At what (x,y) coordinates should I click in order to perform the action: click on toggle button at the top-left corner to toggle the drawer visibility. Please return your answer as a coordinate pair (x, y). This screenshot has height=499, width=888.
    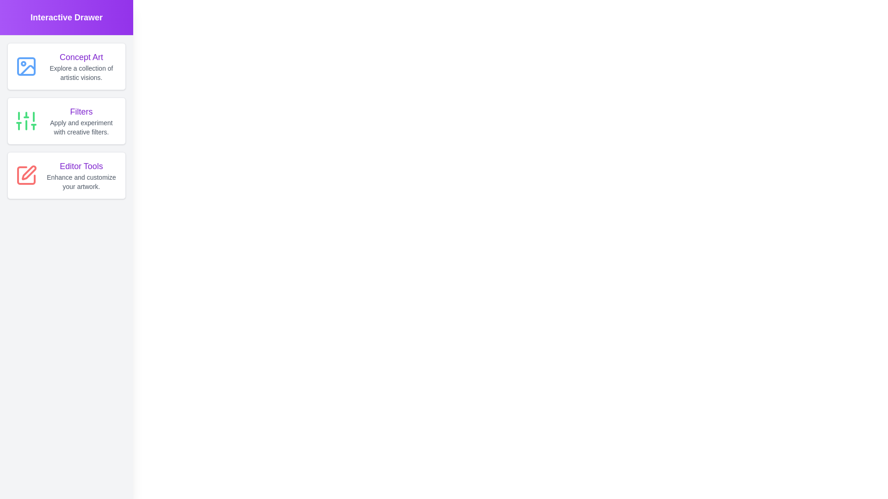
    Looking at the image, I should click on (16, 16).